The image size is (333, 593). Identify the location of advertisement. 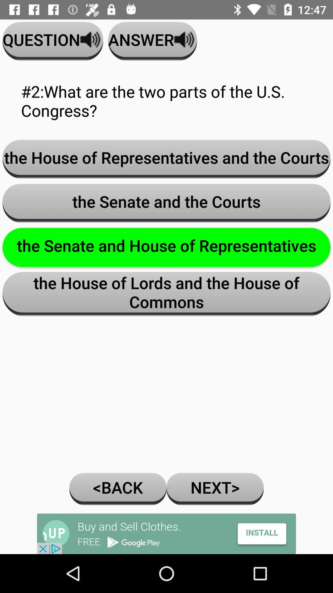
(166, 533).